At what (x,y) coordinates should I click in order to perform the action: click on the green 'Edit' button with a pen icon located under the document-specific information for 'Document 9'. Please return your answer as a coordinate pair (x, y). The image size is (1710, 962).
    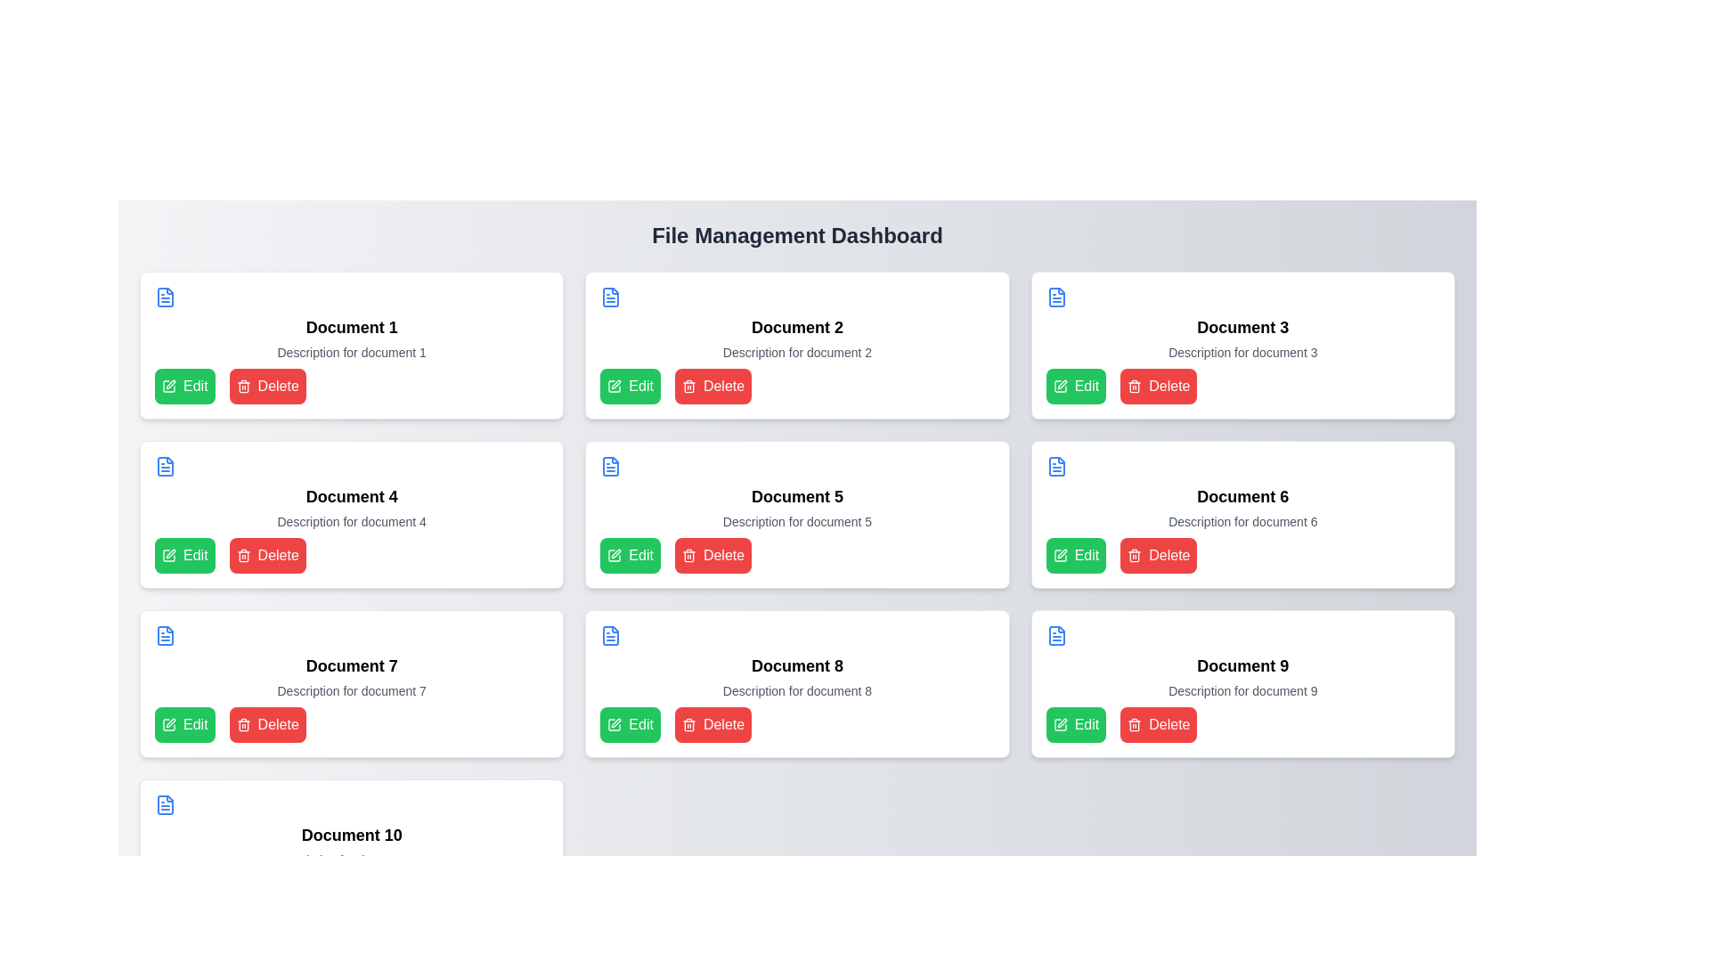
    Looking at the image, I should click on (1075, 724).